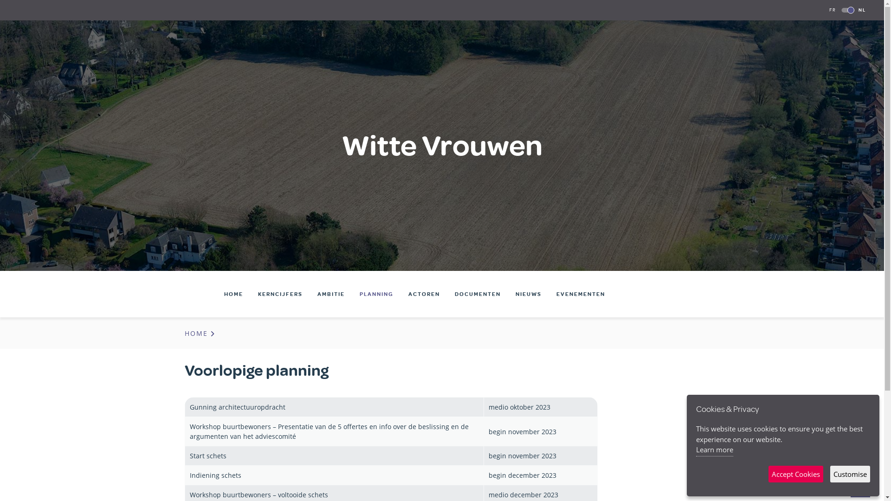  What do you see at coordinates (423, 294) in the screenshot?
I see `'ACTOREN'` at bounding box center [423, 294].